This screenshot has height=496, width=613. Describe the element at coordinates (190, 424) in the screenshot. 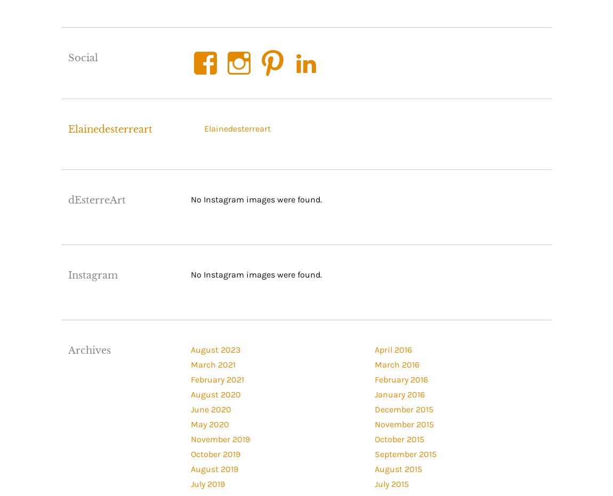

I see `'May 2020'` at that location.